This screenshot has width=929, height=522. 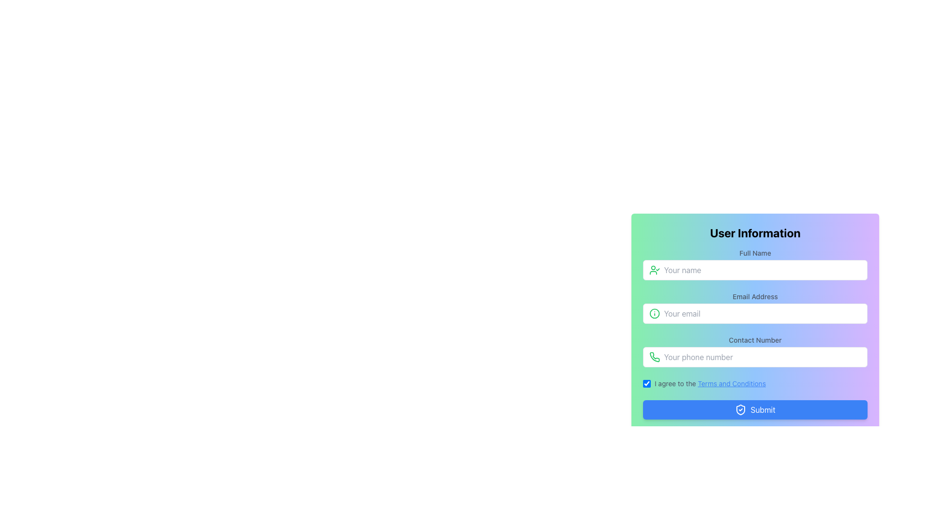 What do you see at coordinates (740, 410) in the screenshot?
I see `the approval/security icon located within the 'Submit' button, positioned towards the left end of the button content, preceding the text 'Submit'` at bounding box center [740, 410].